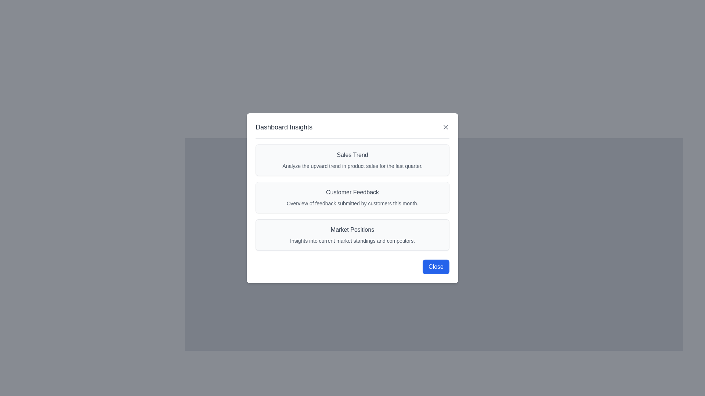 Image resolution: width=705 pixels, height=396 pixels. What do you see at coordinates (352, 154) in the screenshot?
I see `the Text Label that serves as the header for the 'Dashboard Insights' modal, which describes sales trends` at bounding box center [352, 154].